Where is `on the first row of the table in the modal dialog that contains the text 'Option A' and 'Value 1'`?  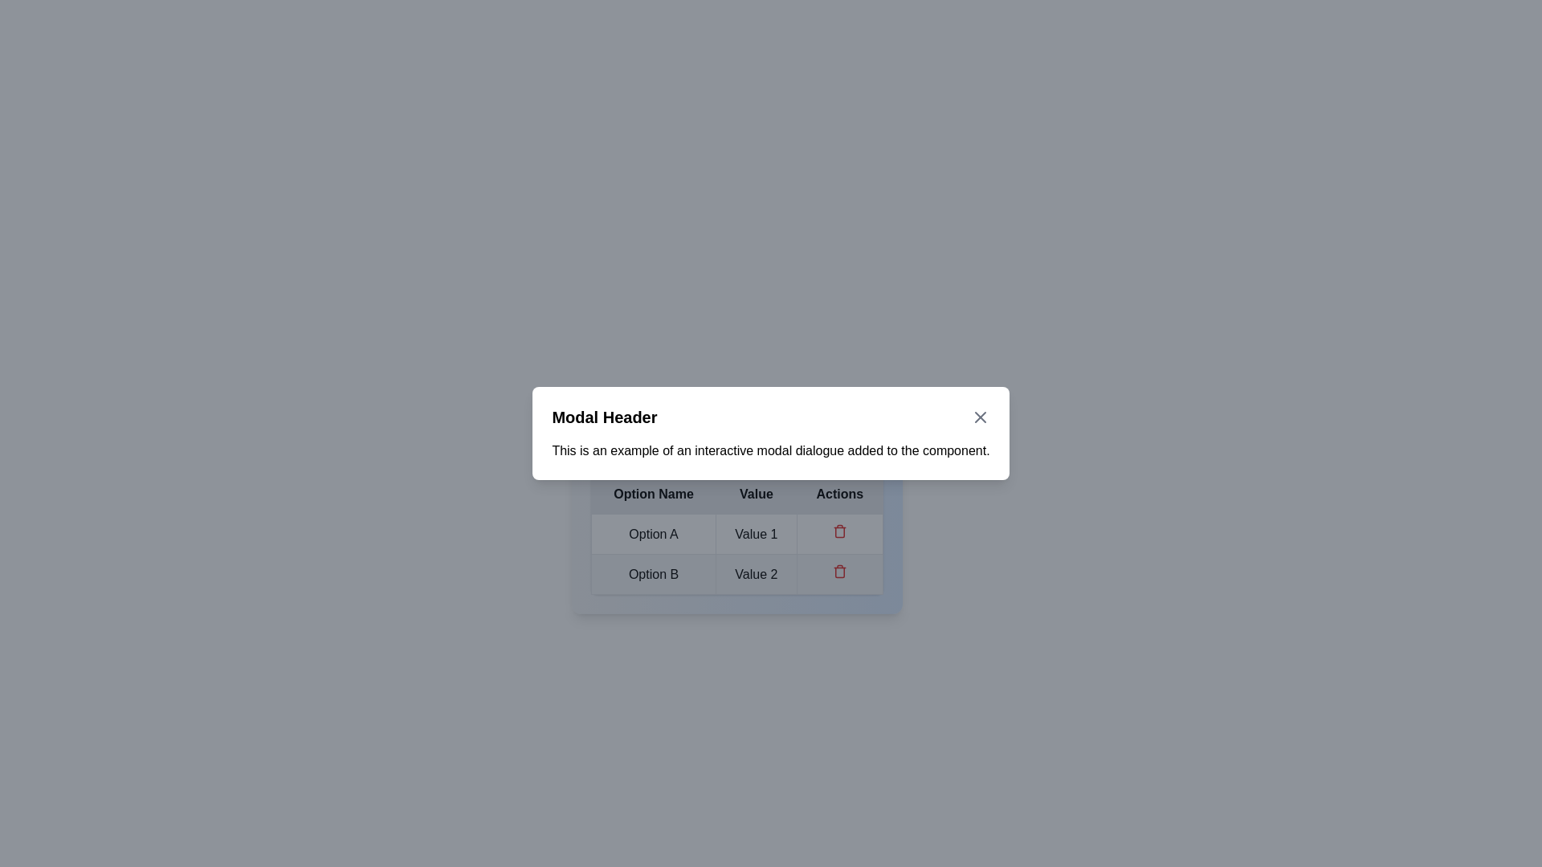 on the first row of the table in the modal dialog that contains the text 'Option A' and 'Value 1' is located at coordinates (736, 533).